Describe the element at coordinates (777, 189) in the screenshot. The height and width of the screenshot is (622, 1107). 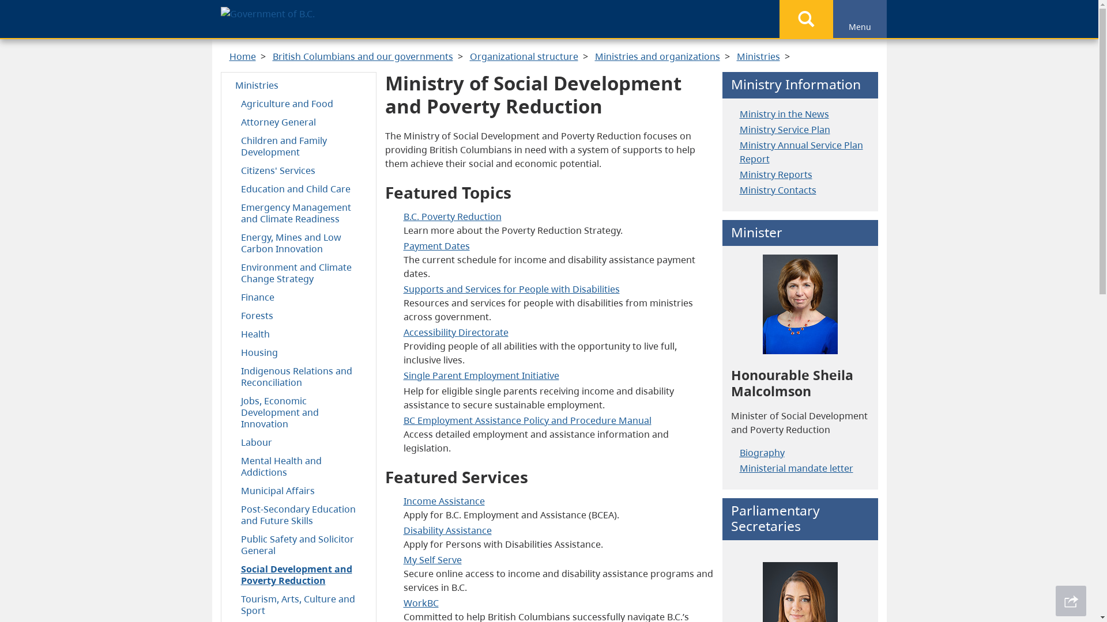
I see `'Ministry Contacts'` at that location.